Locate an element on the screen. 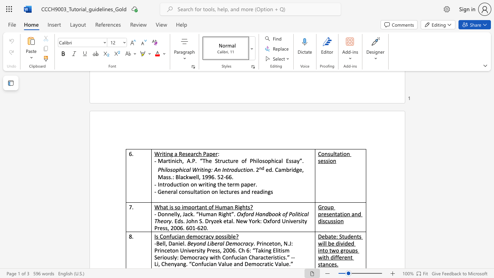 Image resolution: width=494 pixels, height=278 pixels. the subset text "-62" within the text ". Eds. John S. Dryzek etal. New York: Oxford University Press, 2006. 601-620." is located at coordinates (195, 227).